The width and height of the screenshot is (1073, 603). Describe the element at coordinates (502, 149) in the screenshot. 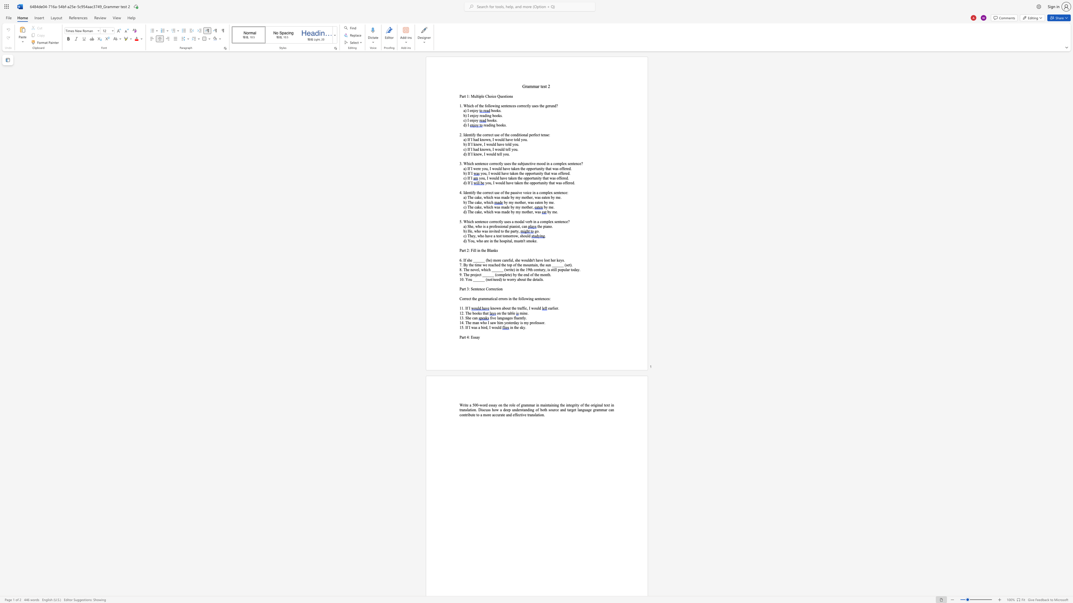

I see `the subset text "d tell yo" within the text "c) If I had known, I would tell you."` at that location.